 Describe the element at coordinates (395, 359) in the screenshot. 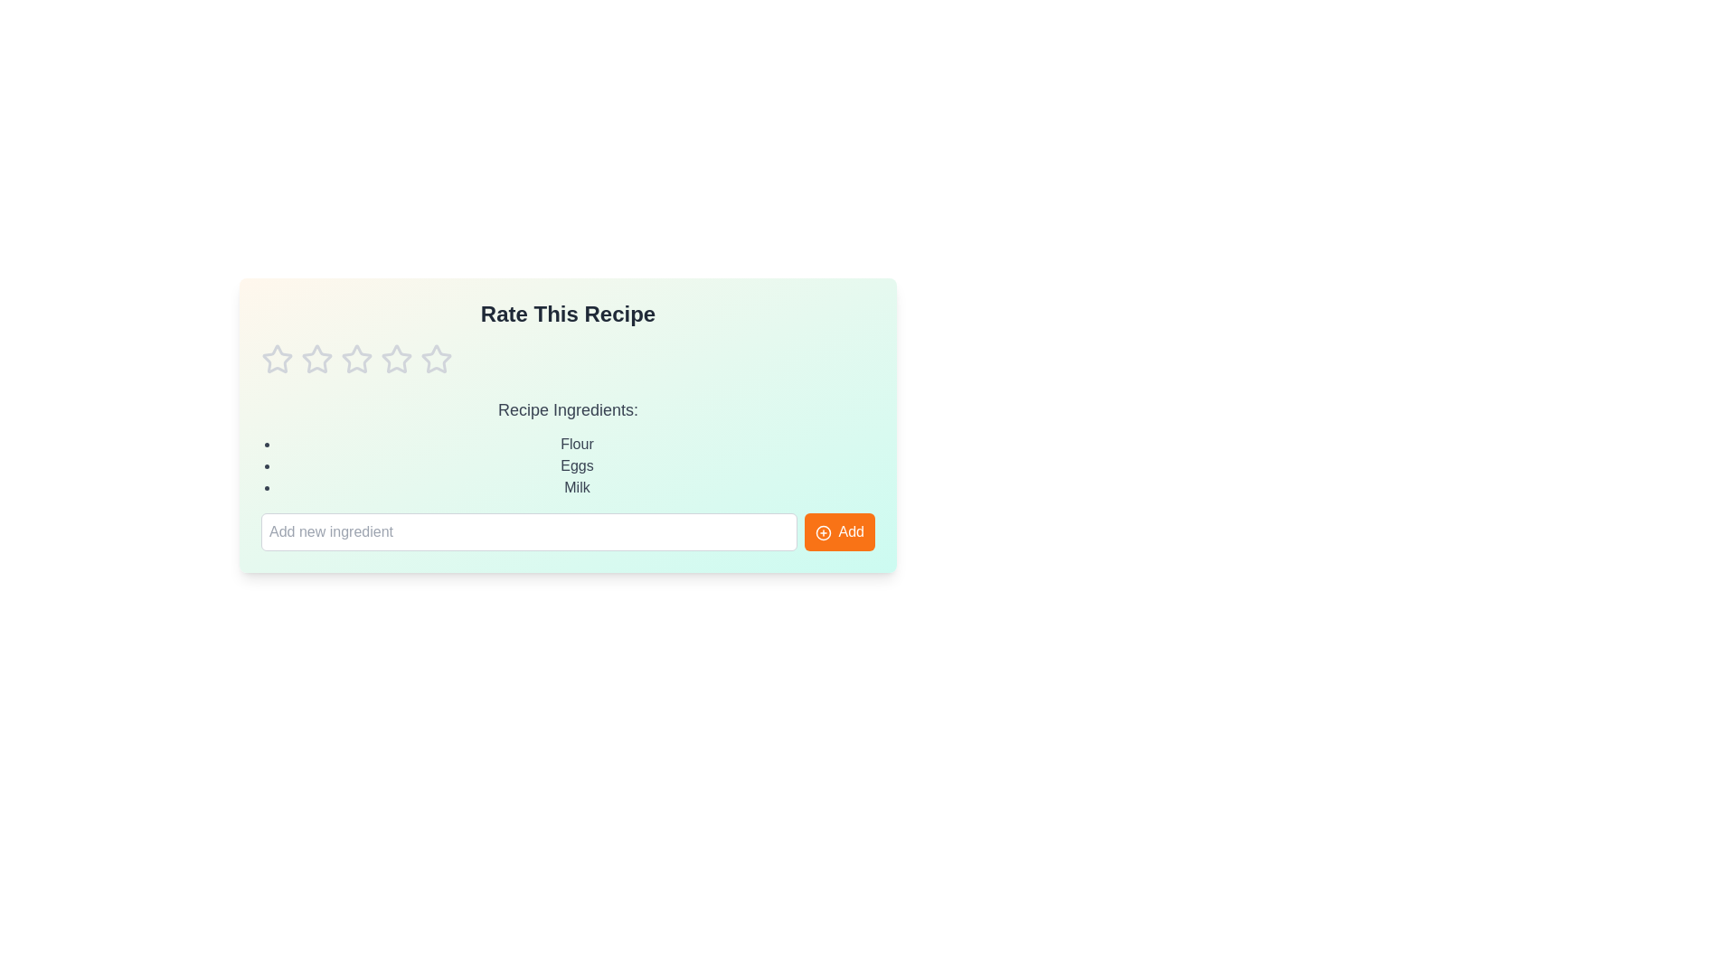

I see `the star corresponding to 4 stars to preview the rating` at that location.